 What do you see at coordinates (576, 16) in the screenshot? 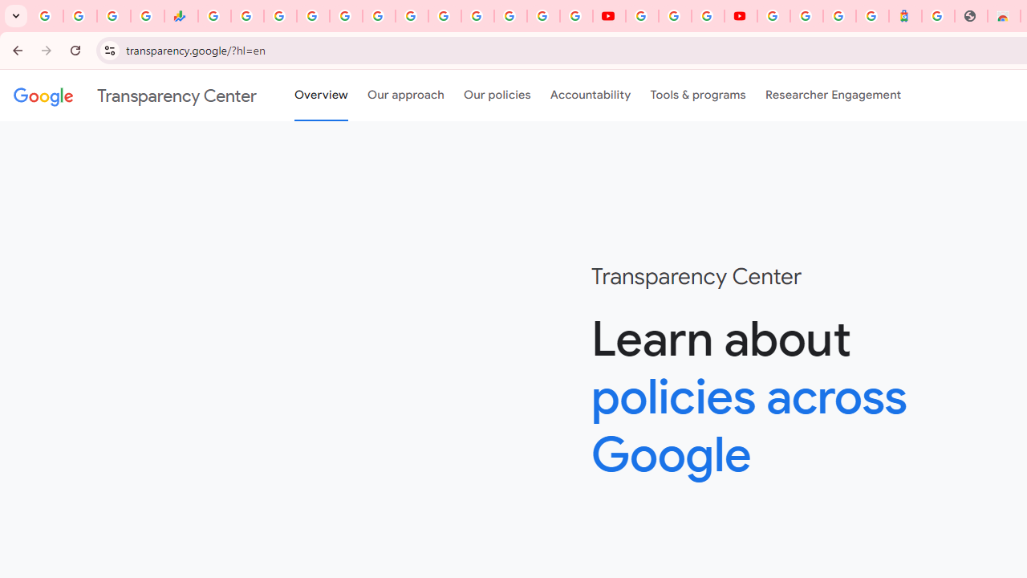
I see `'Privacy Checkup'` at bounding box center [576, 16].